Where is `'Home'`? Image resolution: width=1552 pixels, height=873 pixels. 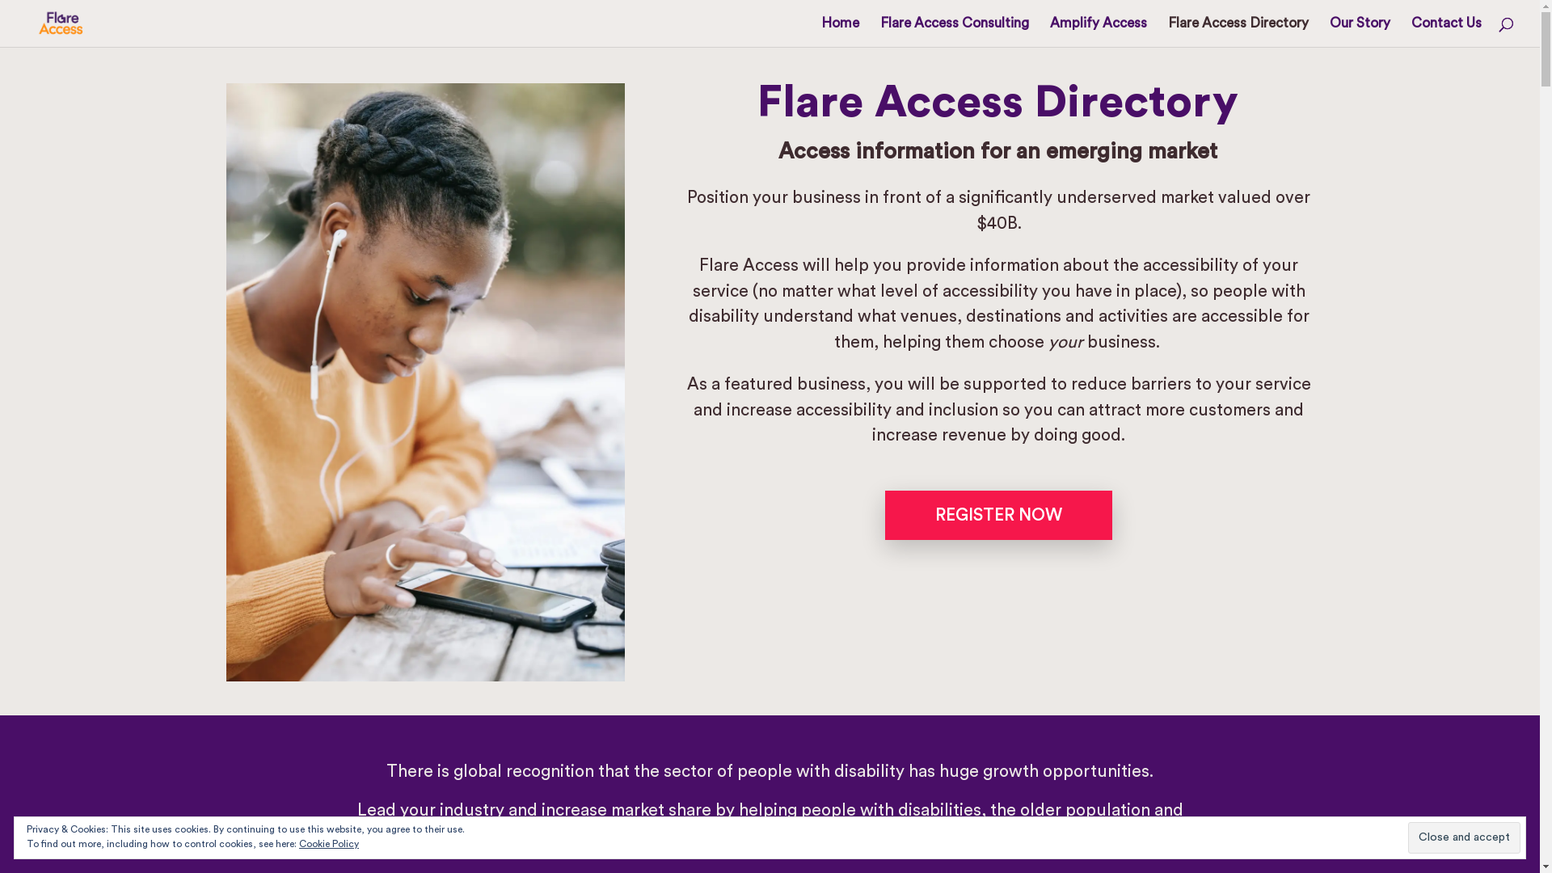 'Home' is located at coordinates (840, 32).